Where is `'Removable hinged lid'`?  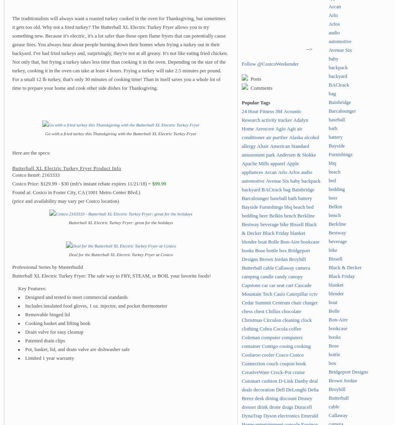 'Removable hinged lid' is located at coordinates (47, 314).